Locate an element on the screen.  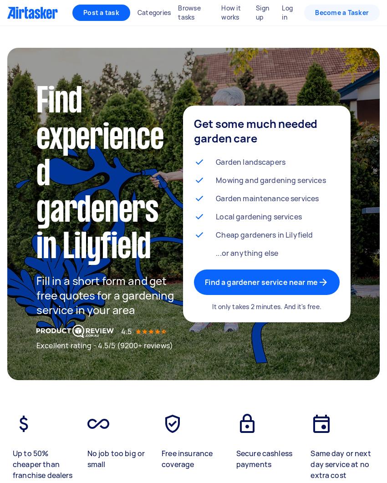
'Post a task' is located at coordinates (101, 12).